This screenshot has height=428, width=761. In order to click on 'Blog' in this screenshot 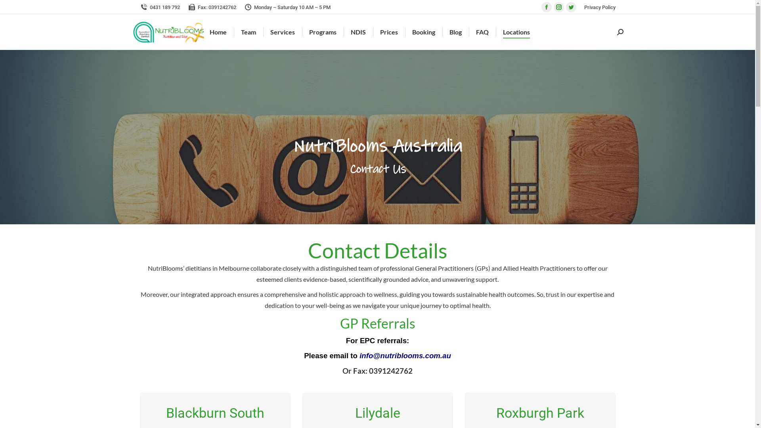, I will do `click(455, 32)`.